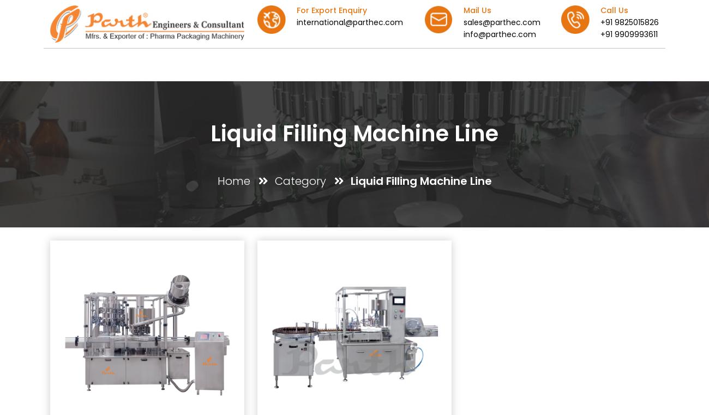 This screenshot has width=709, height=415. What do you see at coordinates (415, 322) in the screenshot?
I see `'Mobile / WhatsApp'` at bounding box center [415, 322].